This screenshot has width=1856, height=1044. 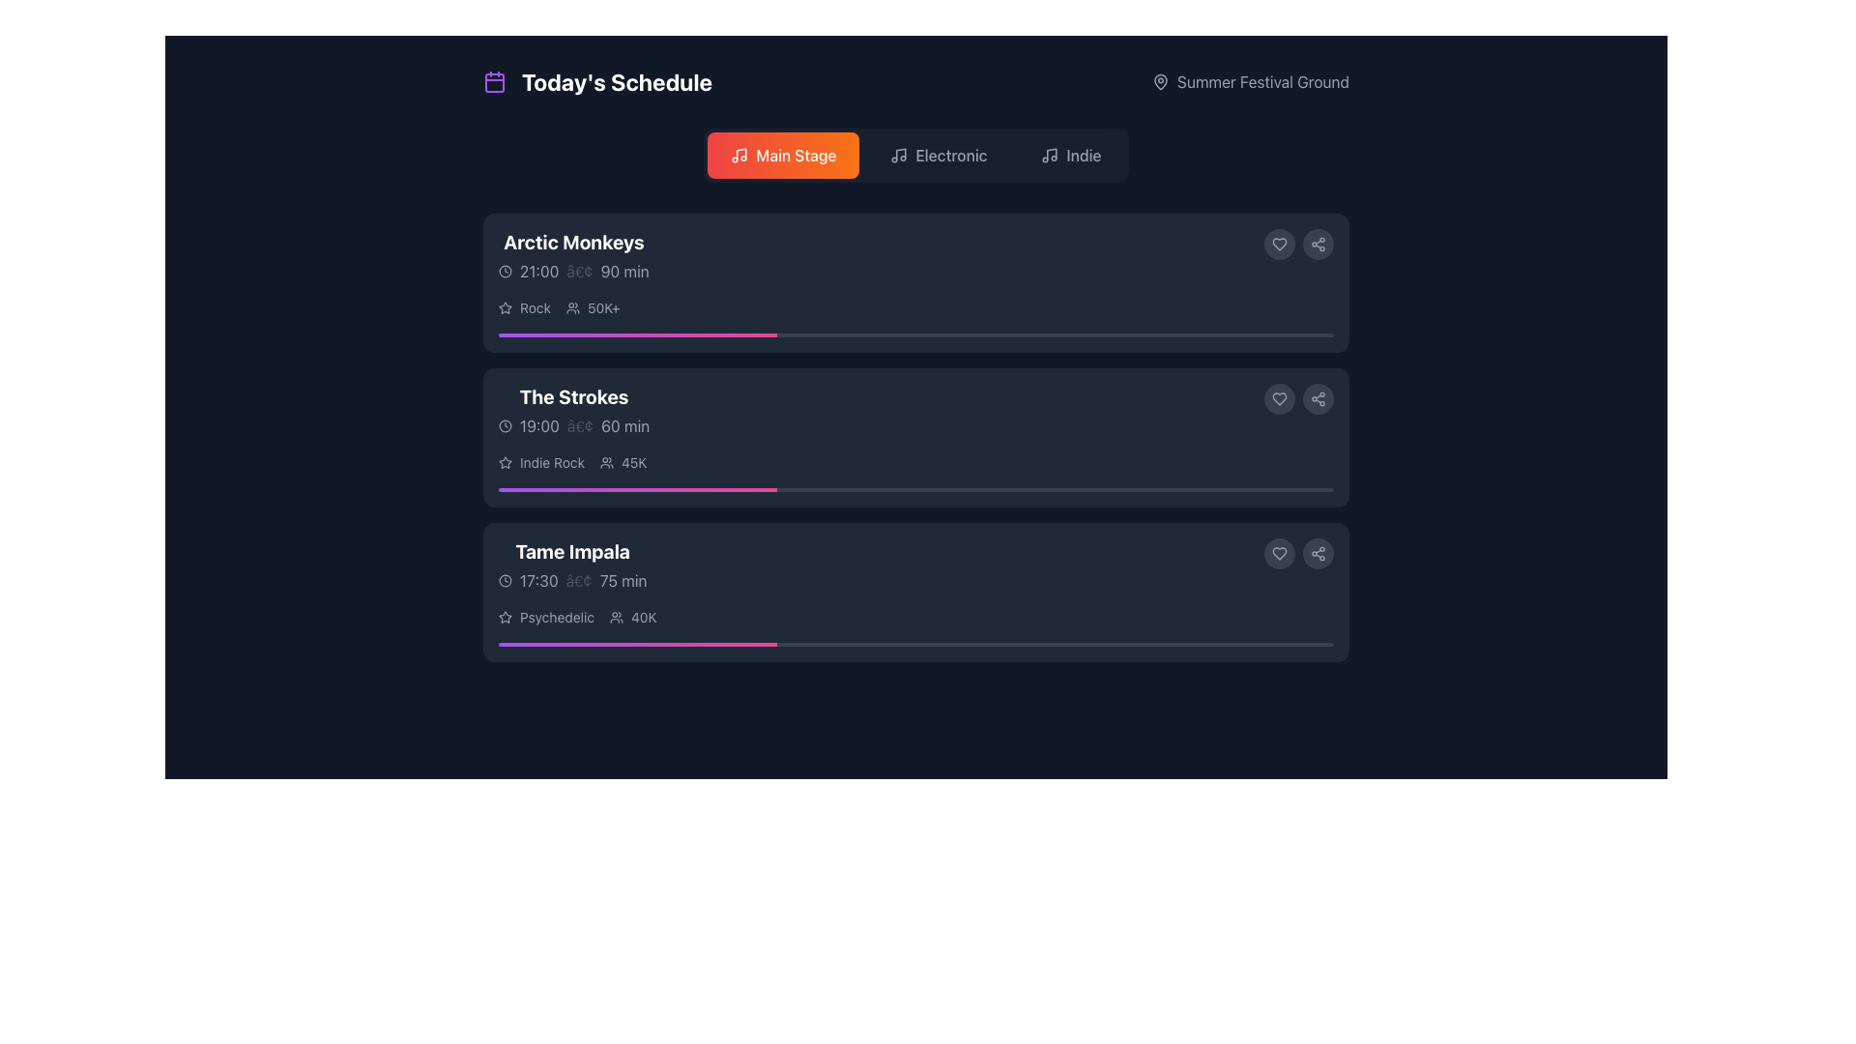 I want to click on the 'Electronic' text label within the button component, so click(x=951, y=155).